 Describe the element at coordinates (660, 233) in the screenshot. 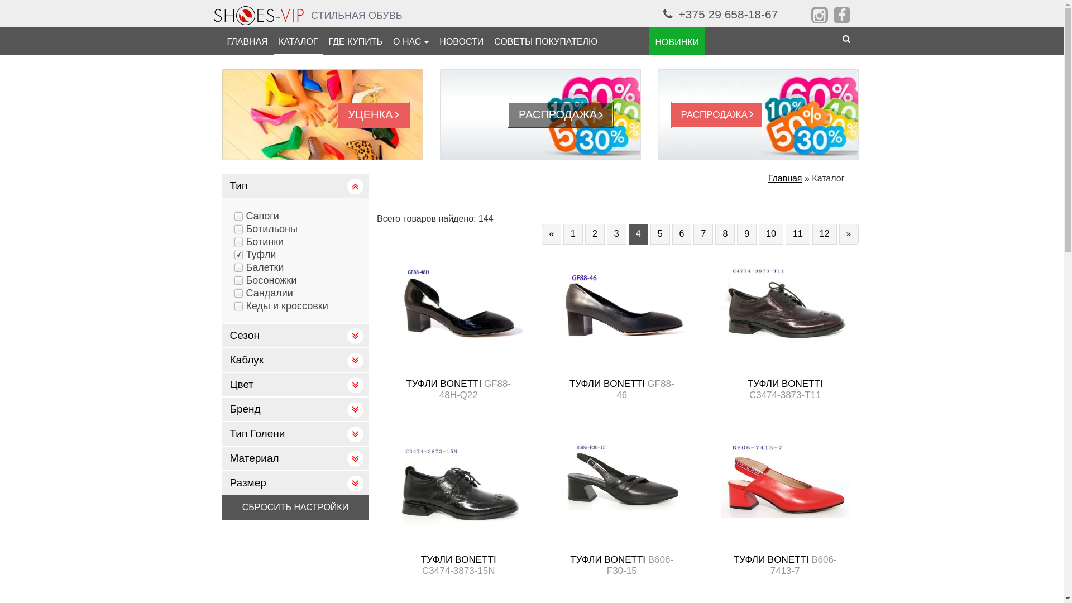

I see `'5'` at that location.